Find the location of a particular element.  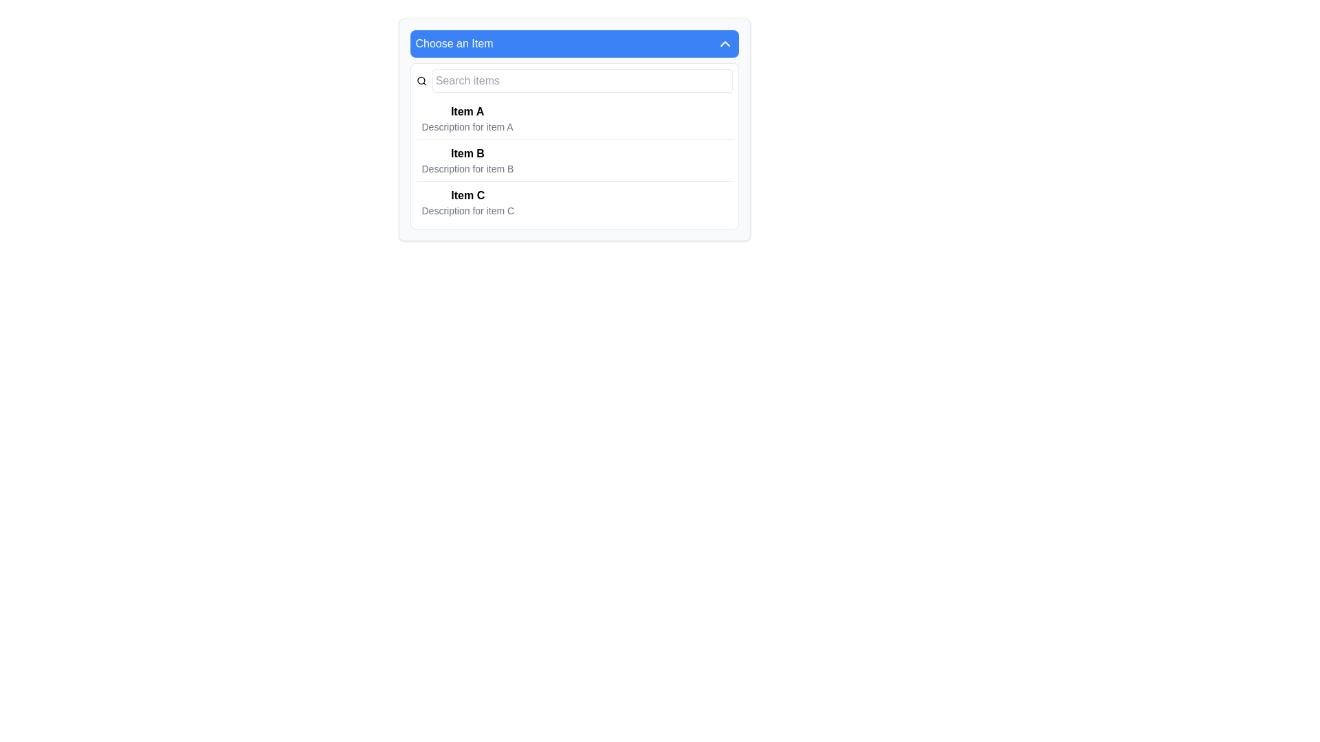

the upward-facing chevron icon located at the top-right corner of the 'Choose an Item' dropdown header, which is set against a blue background and positioned to the right of the text 'Choose an Item' is located at coordinates (724, 43).